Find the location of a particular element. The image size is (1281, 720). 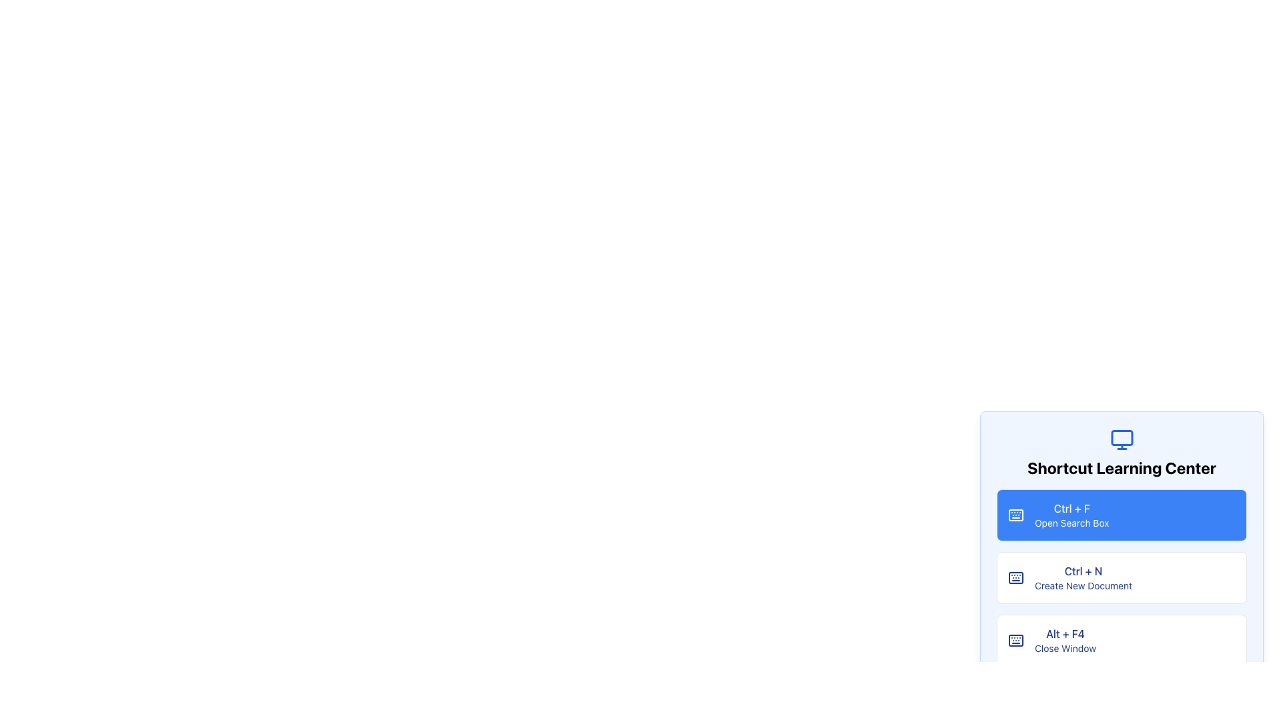

the text information block that explains the 'Alt + F4' keyboard shortcut is located at coordinates (1064, 639).